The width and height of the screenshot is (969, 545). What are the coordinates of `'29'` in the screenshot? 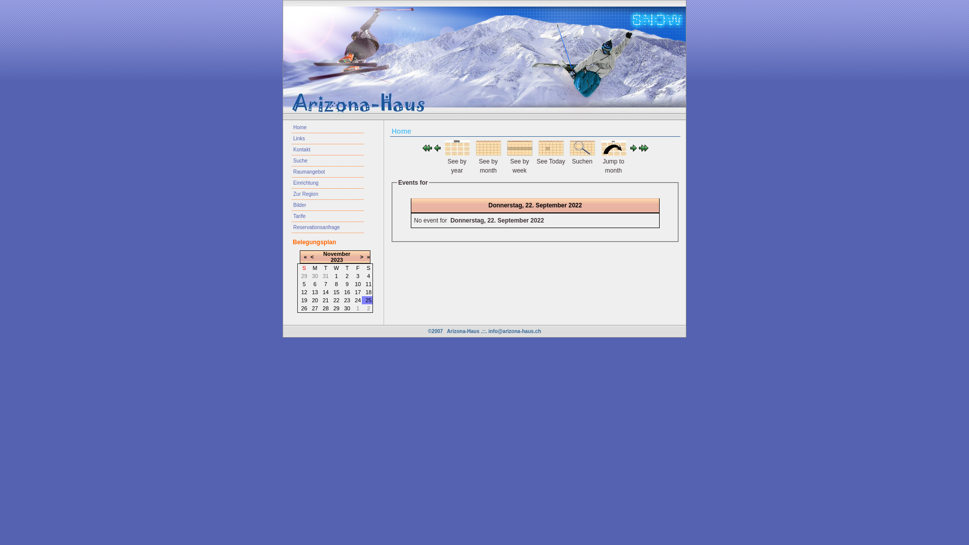 It's located at (336, 307).